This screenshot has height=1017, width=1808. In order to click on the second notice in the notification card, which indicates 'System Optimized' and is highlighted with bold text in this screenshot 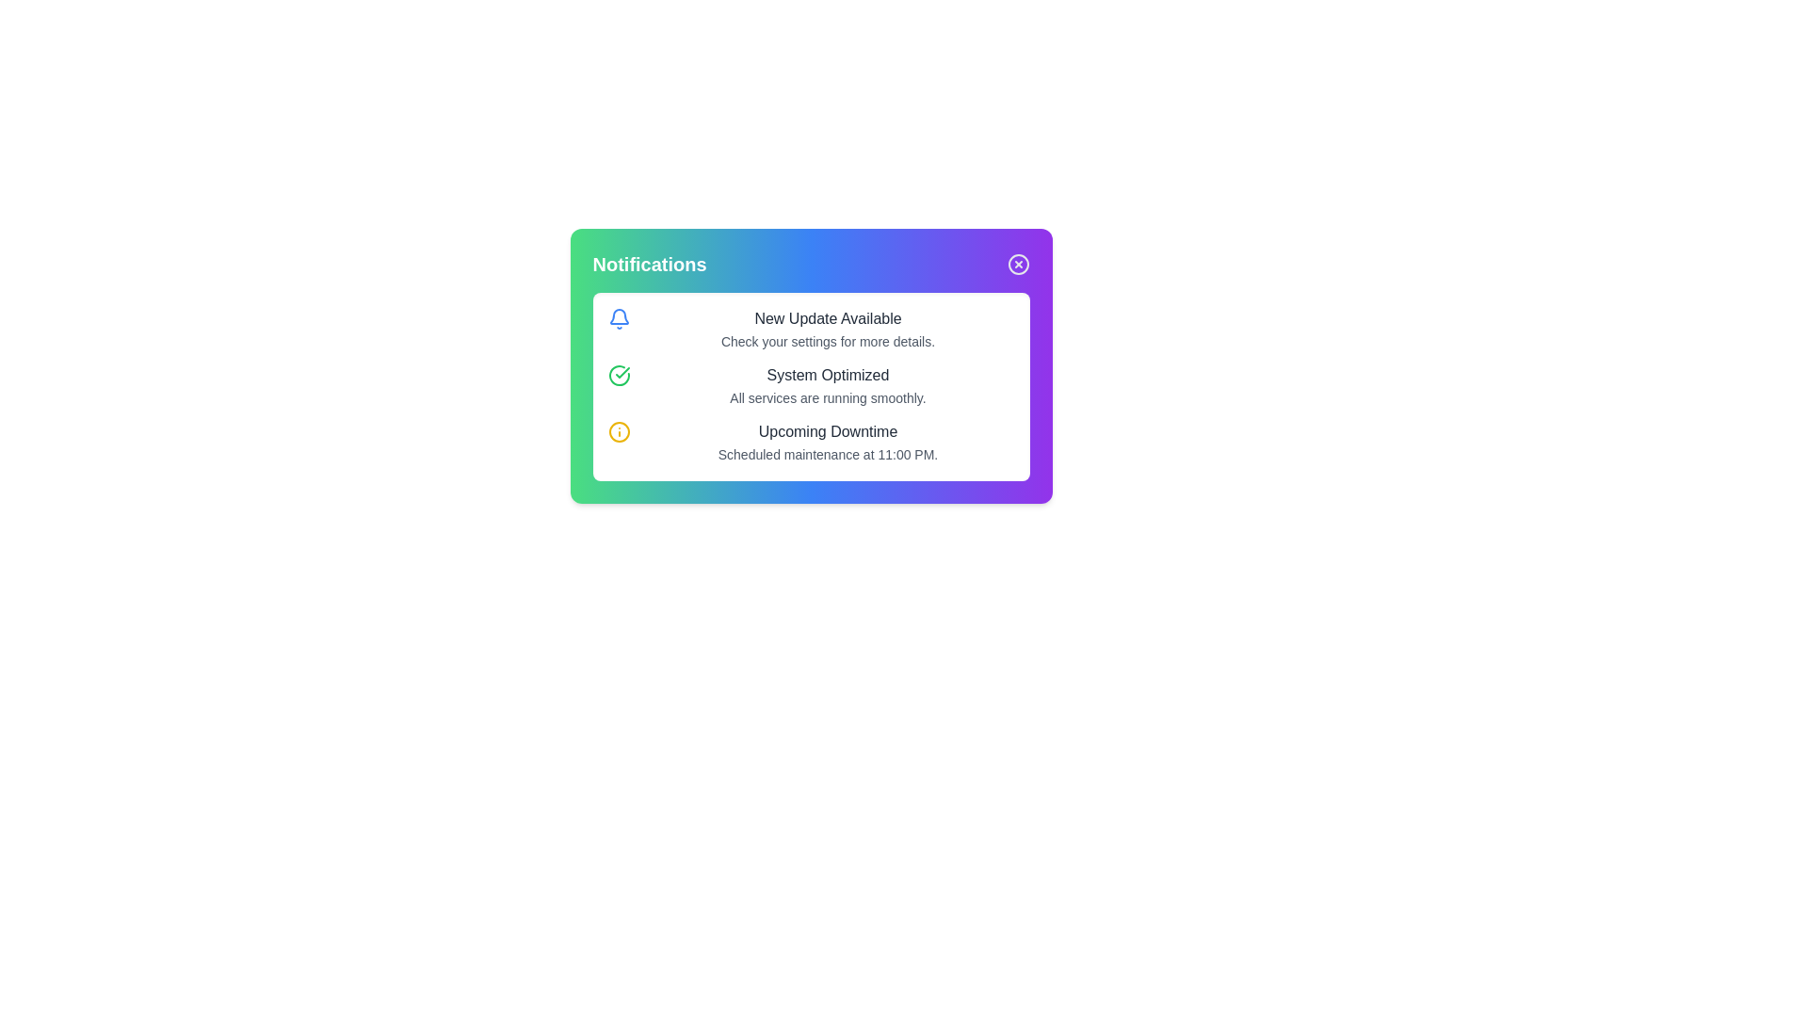, I will do `click(811, 386)`.